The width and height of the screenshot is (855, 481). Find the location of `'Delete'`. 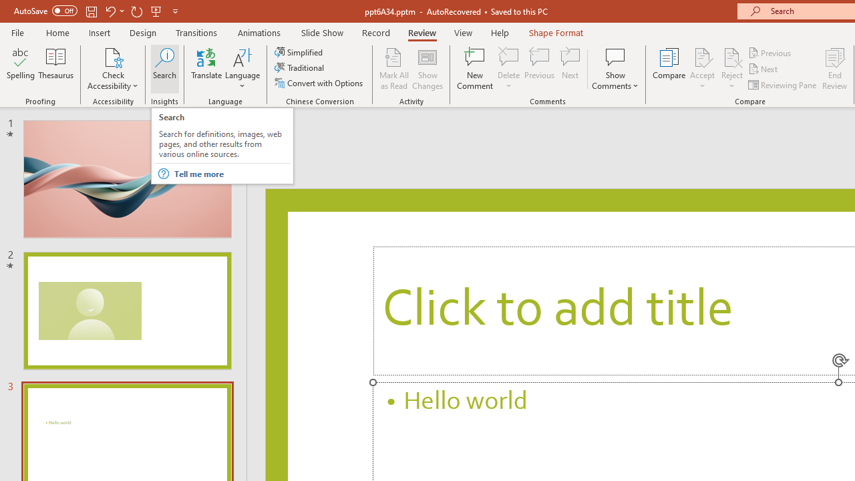

'Delete' is located at coordinates (508, 56).